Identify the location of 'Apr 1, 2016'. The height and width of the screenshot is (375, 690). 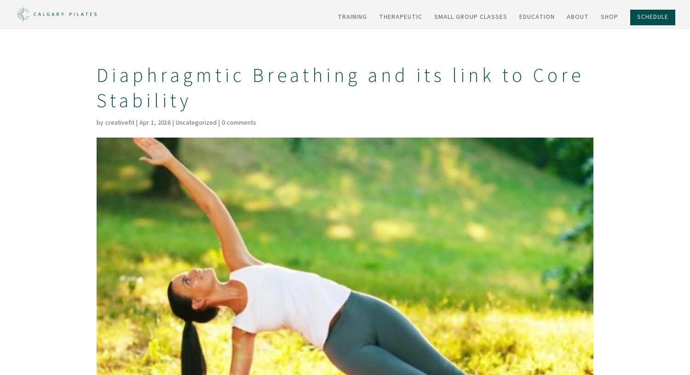
(155, 122).